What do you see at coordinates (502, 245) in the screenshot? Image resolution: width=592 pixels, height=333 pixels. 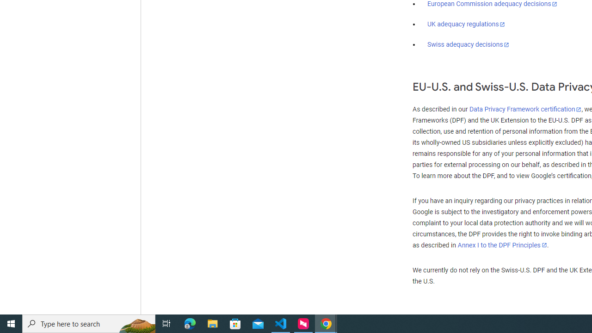 I see `'Annex I to the DPF Principles'` at bounding box center [502, 245].